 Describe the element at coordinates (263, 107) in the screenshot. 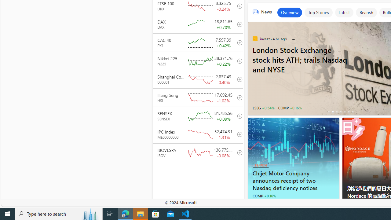

I see `'LSEG +0.54%'` at that location.